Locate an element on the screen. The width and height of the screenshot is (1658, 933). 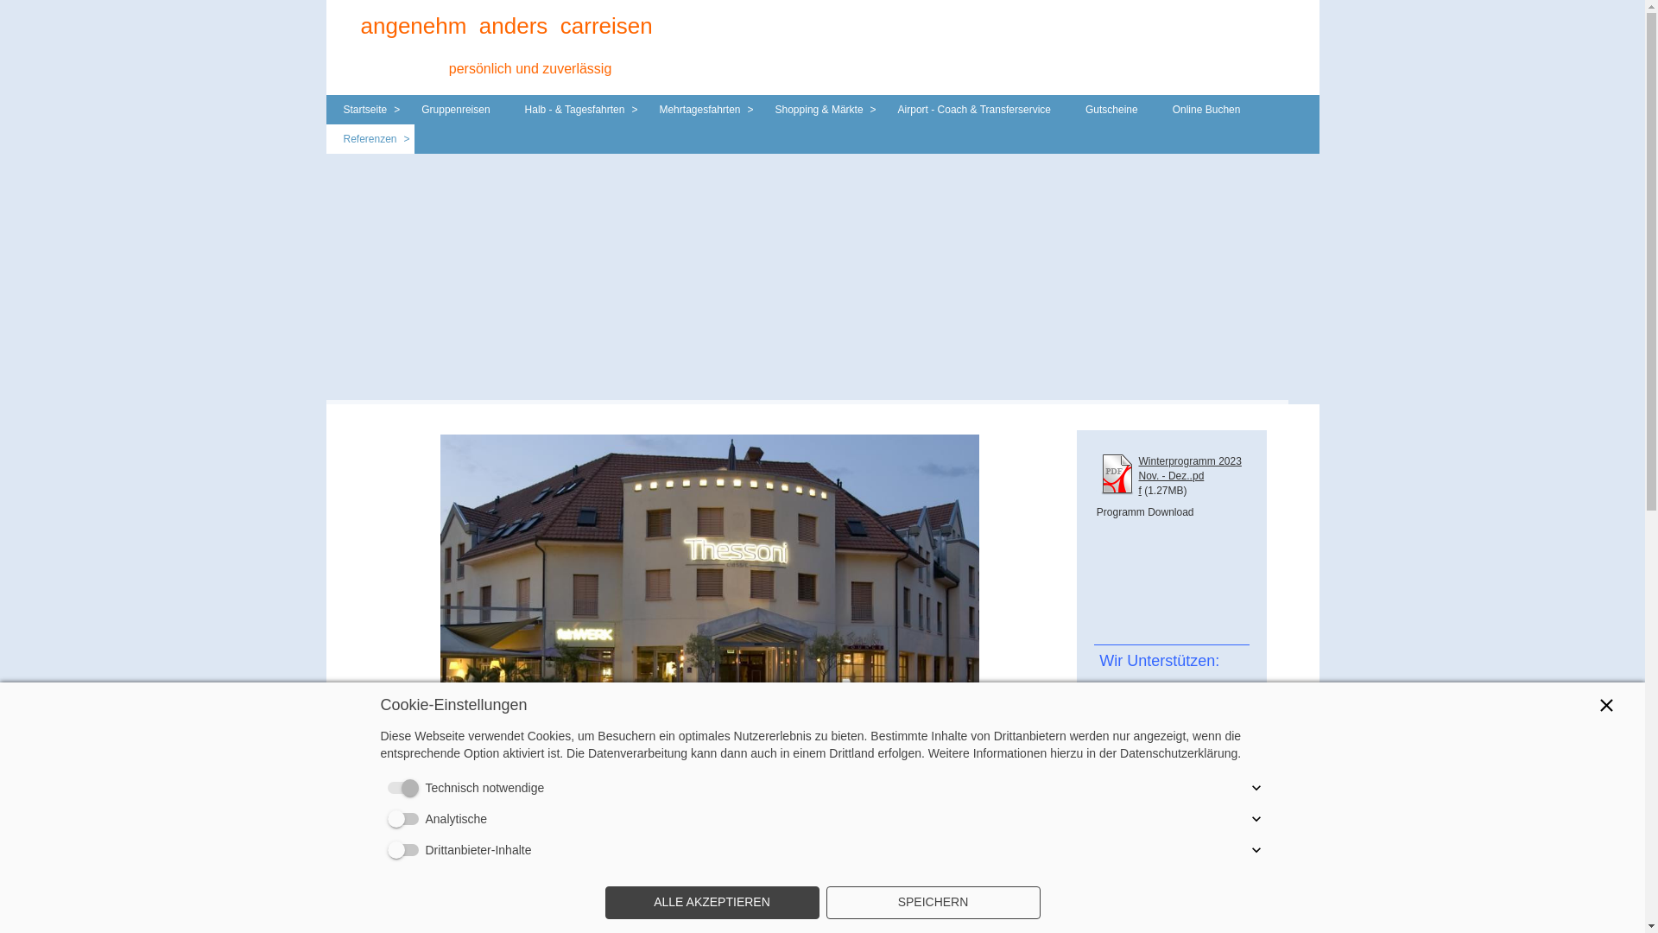
'Startseite' is located at coordinates (364, 110).